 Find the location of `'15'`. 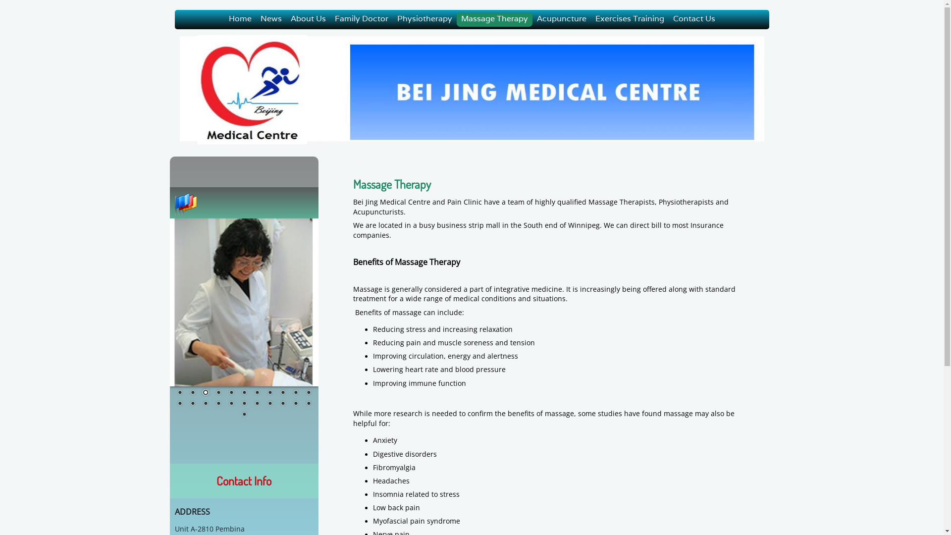

'15' is located at coordinates (218, 404).